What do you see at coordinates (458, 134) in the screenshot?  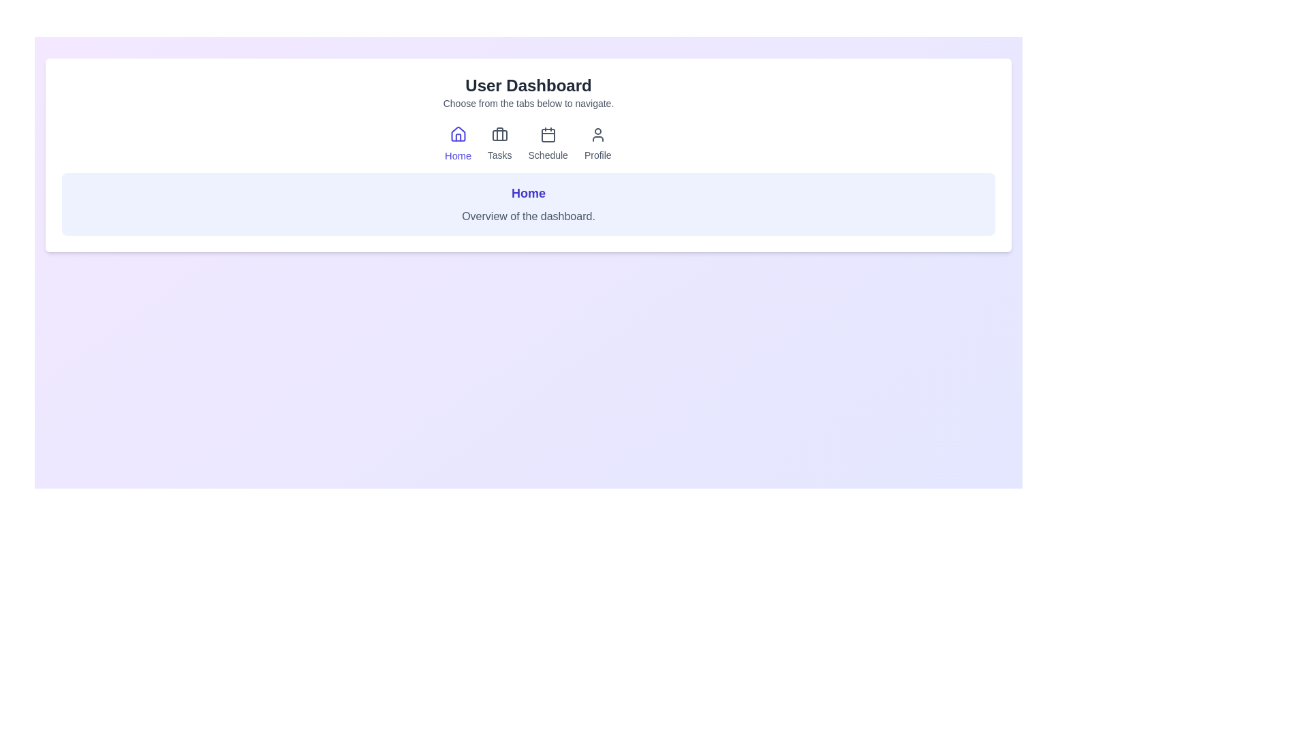 I see `the home icon in the navigation bar` at bounding box center [458, 134].